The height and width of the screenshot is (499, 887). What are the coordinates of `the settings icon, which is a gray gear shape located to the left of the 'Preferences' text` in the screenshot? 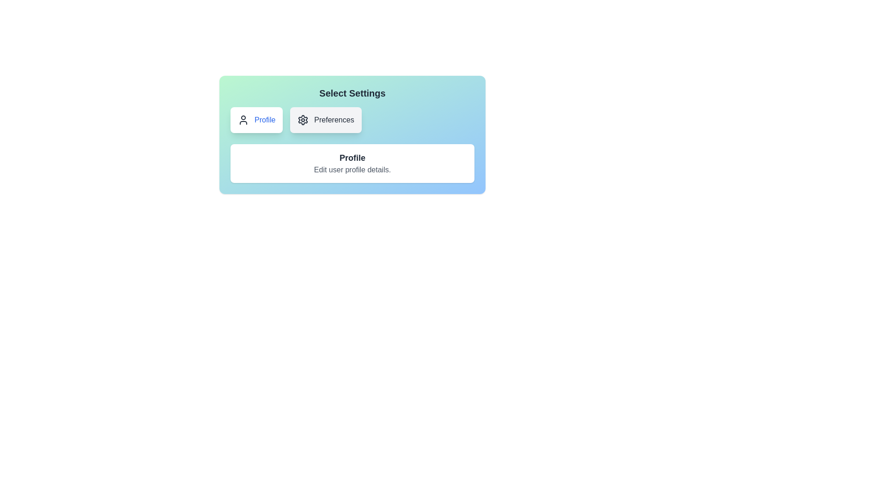 It's located at (303, 119).